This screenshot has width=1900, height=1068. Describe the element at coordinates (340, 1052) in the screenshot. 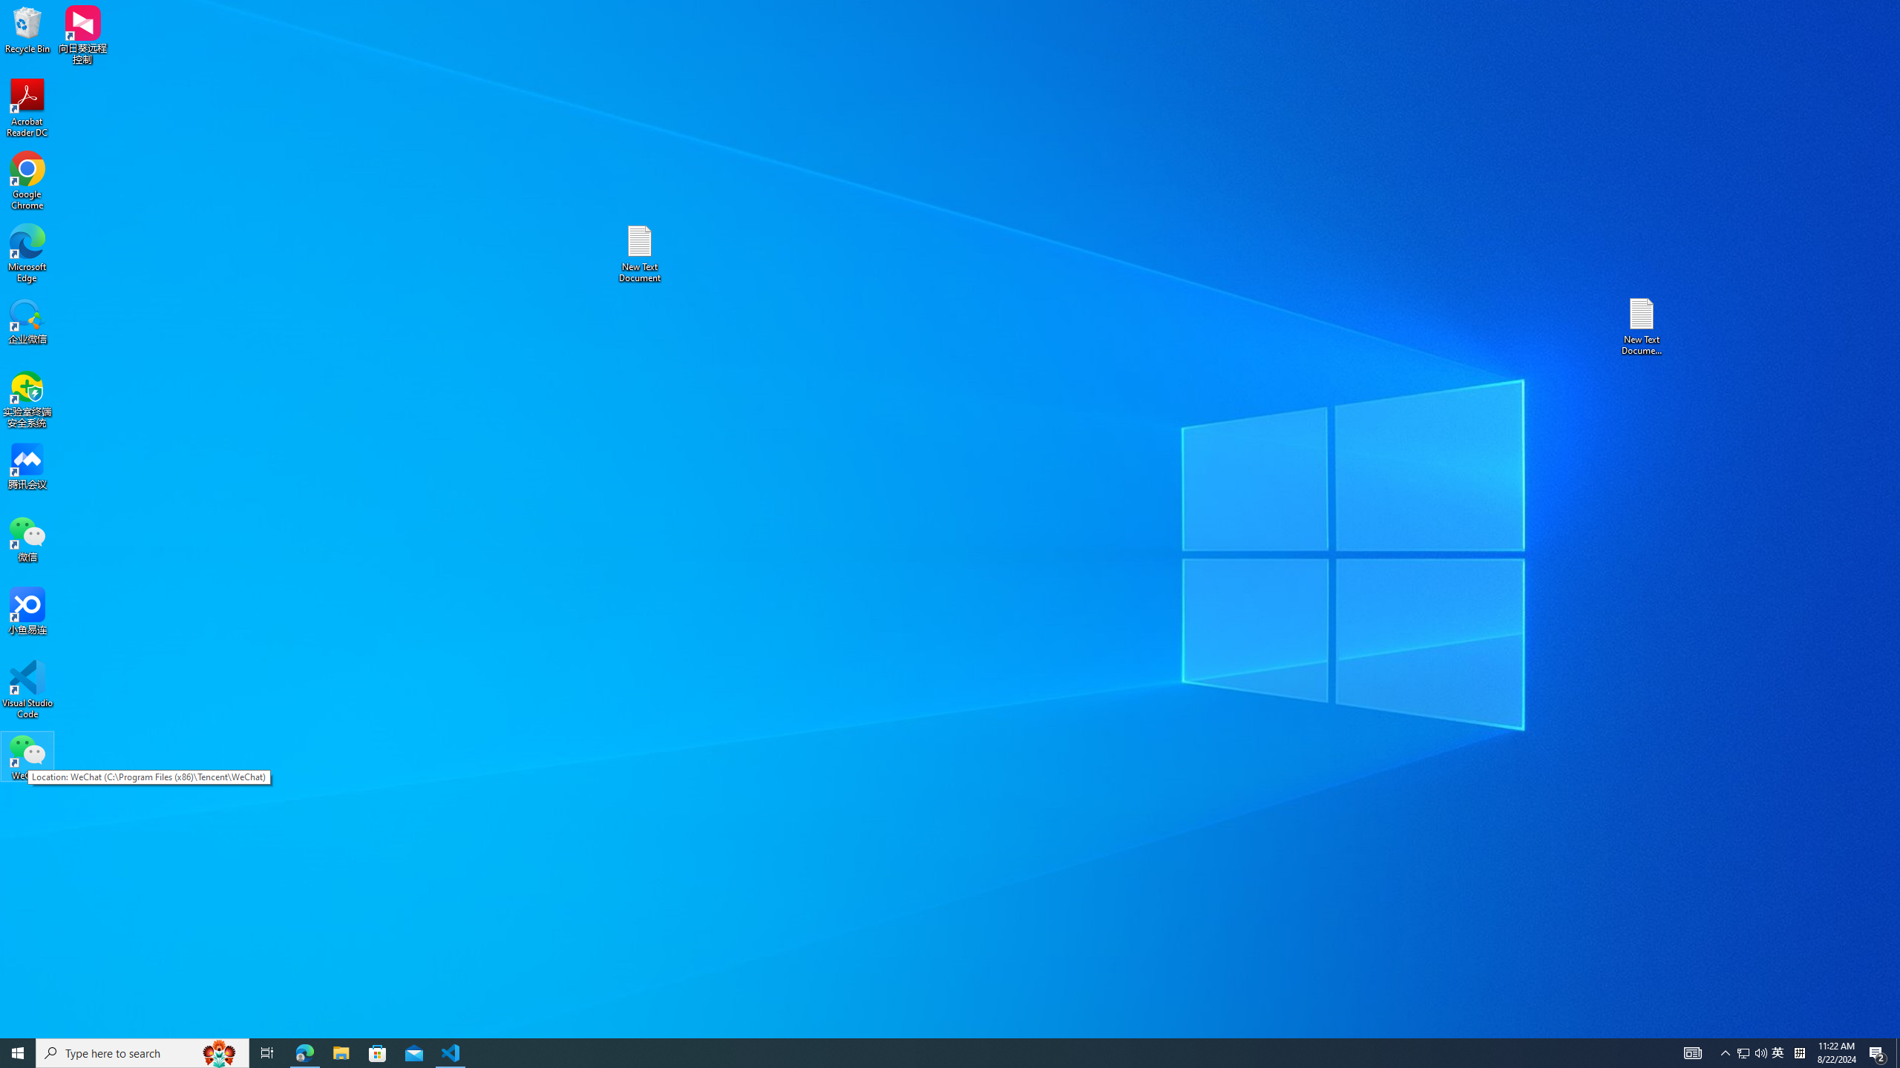

I see `'File Explorer'` at that location.